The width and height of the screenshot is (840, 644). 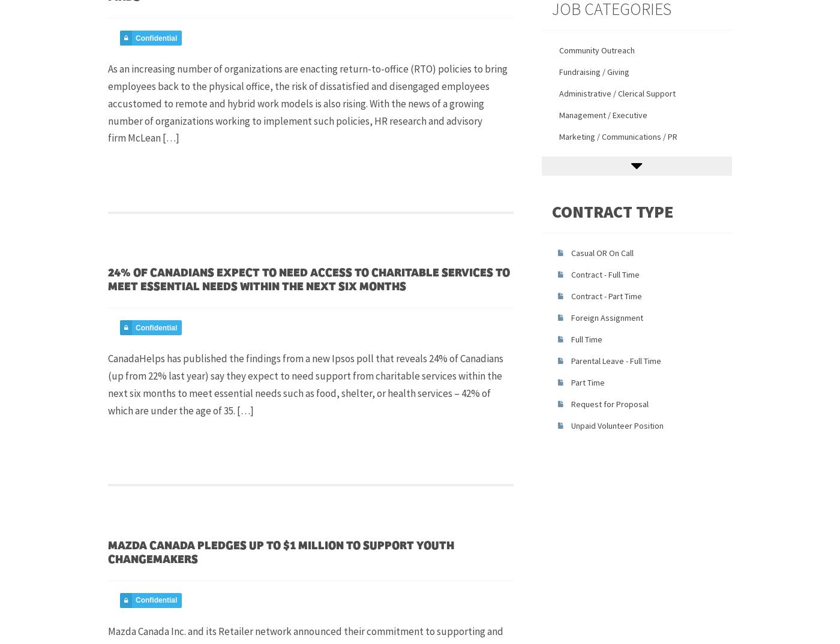 What do you see at coordinates (602, 114) in the screenshot?
I see `'Management / Executive'` at bounding box center [602, 114].